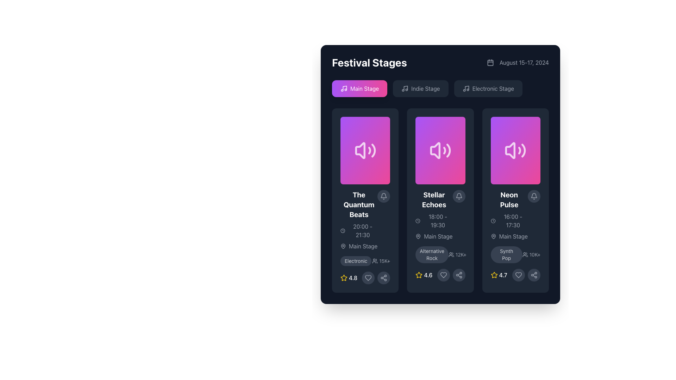 This screenshot has height=380, width=676. I want to click on the star-shaped icon with a yellow outline located in the bottom-right card under the 'Festival Stages' section to interact with the rating, so click(494, 275).